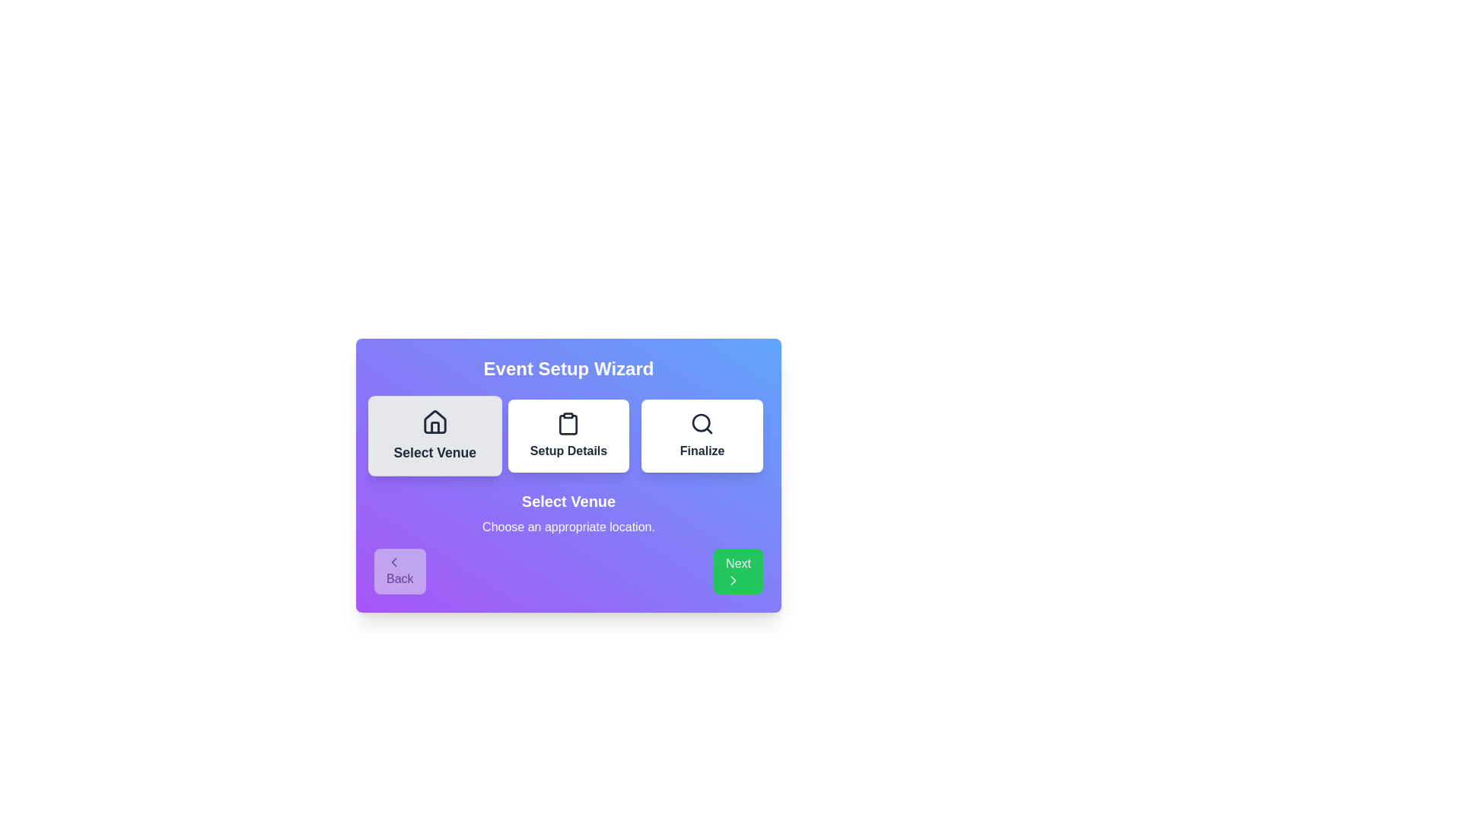  What do you see at coordinates (568, 514) in the screenshot?
I see `the step description text for better visibility` at bounding box center [568, 514].